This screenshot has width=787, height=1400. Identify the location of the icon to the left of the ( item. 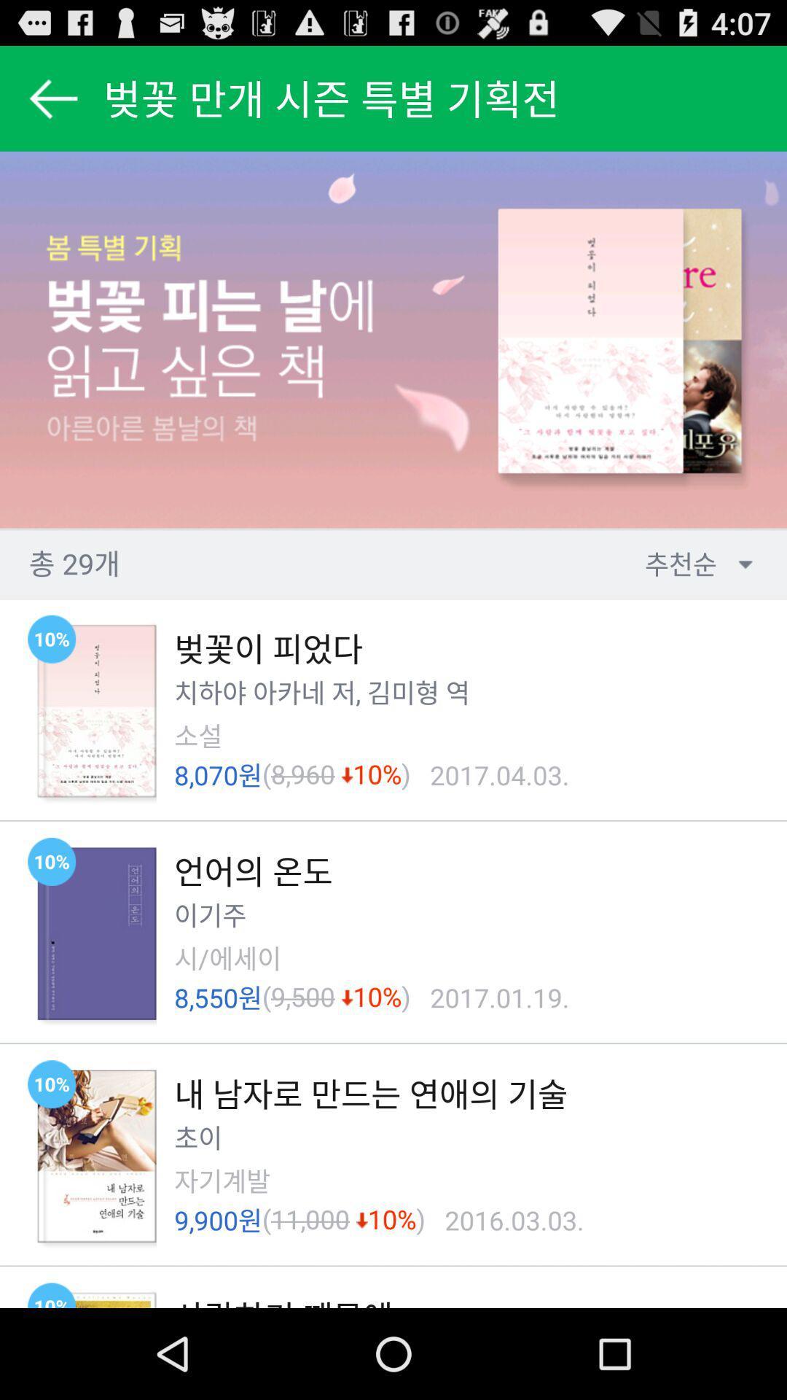
(198, 736).